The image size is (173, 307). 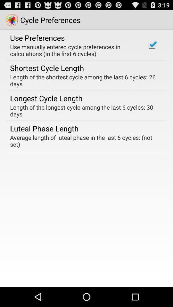 What do you see at coordinates (152, 45) in the screenshot?
I see `item above the length of the icon` at bounding box center [152, 45].